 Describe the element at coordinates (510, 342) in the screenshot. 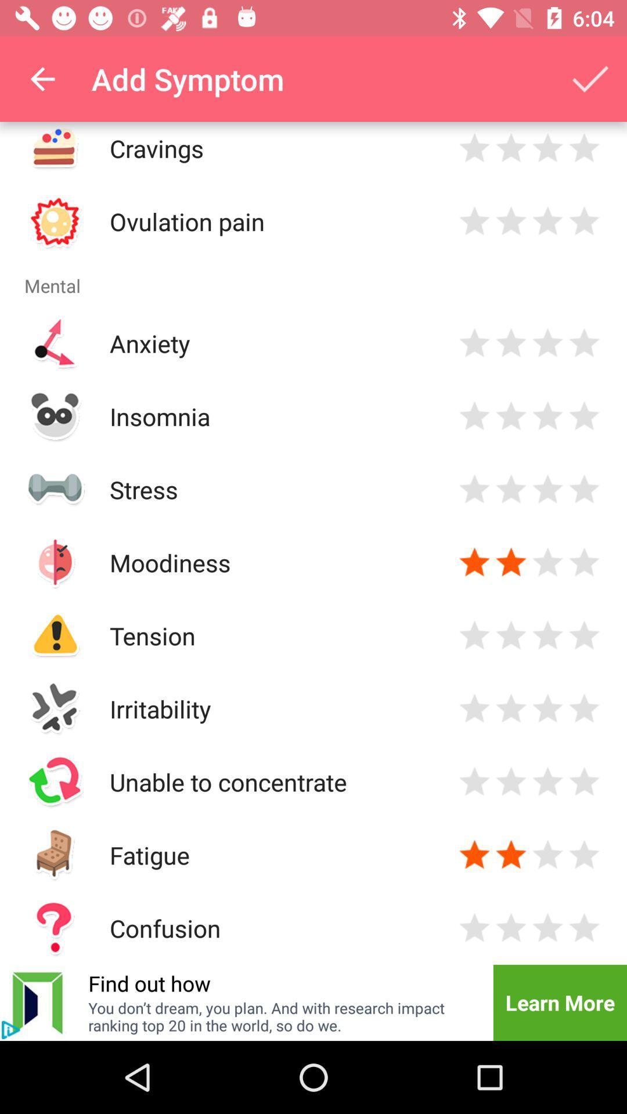

I see `rate symptom` at that location.